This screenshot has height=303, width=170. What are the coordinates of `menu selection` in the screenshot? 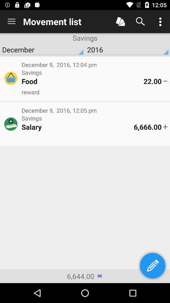 It's located at (120, 21).